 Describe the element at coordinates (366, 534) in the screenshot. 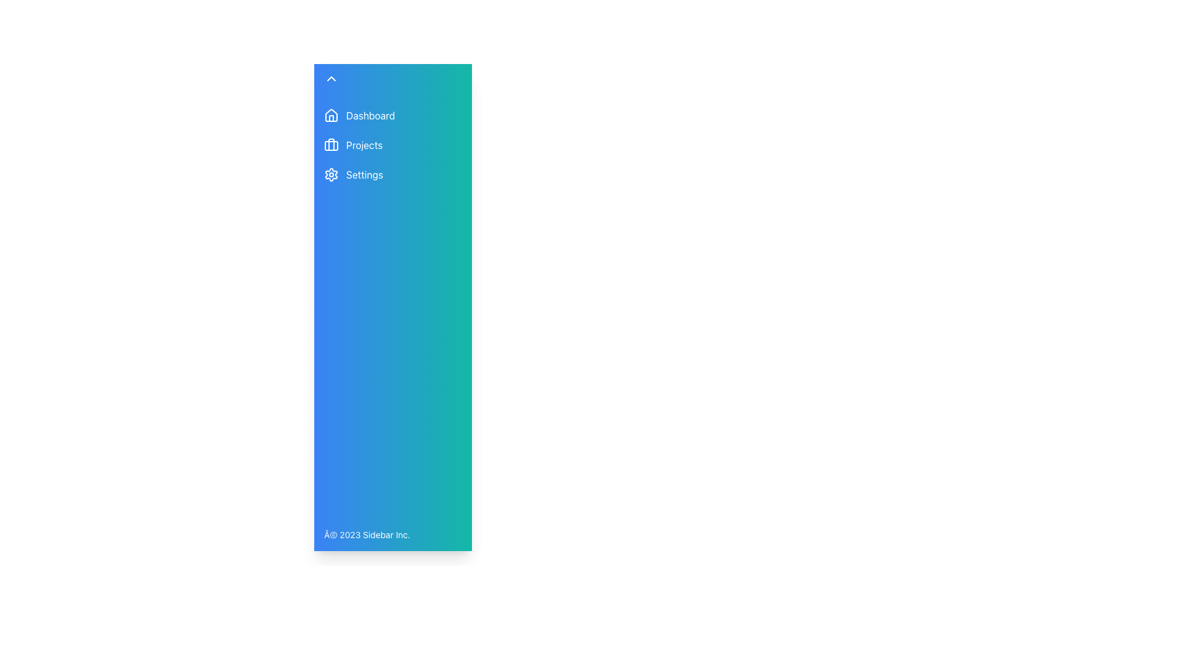

I see `the text label displaying '© 2023 Sidebar Inc.' which is centered at the bottom of the sidebar` at that location.